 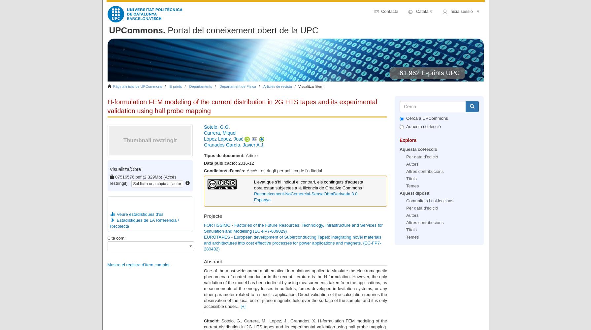 What do you see at coordinates (246, 170) in the screenshot?
I see `'Accés restringit per política de l'editorial'` at bounding box center [246, 170].